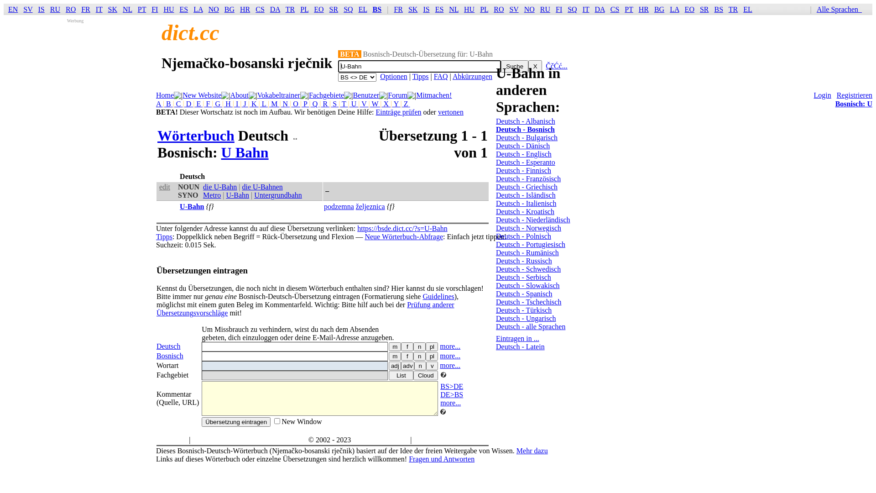 Image resolution: width=876 pixels, height=493 pixels. What do you see at coordinates (245, 152) in the screenshot?
I see `'U Bahn'` at bounding box center [245, 152].